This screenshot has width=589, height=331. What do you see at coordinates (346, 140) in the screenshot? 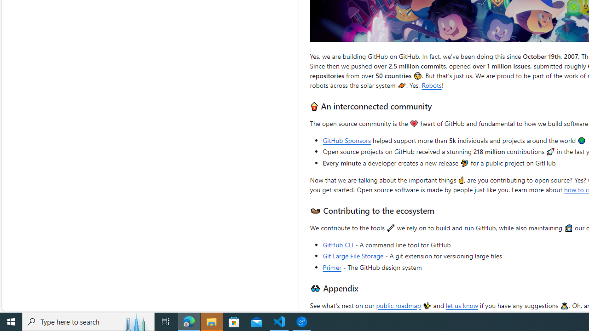
I see `'GitHub Sponsors'` at bounding box center [346, 140].